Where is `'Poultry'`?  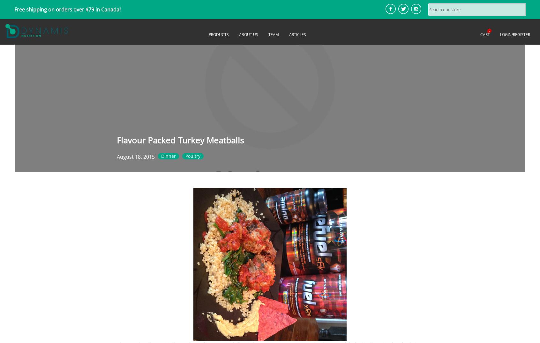 'Poultry' is located at coordinates (185, 156).